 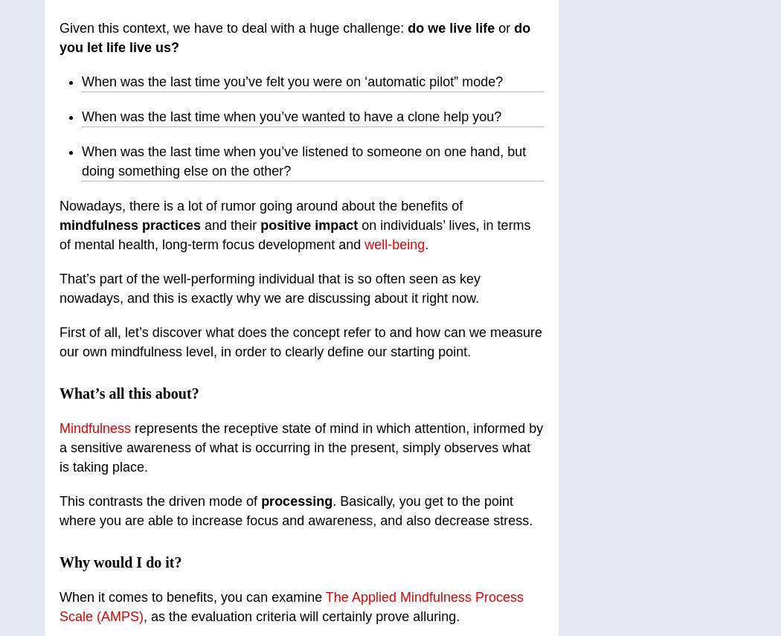 What do you see at coordinates (425, 245) in the screenshot?
I see `'.'` at bounding box center [425, 245].